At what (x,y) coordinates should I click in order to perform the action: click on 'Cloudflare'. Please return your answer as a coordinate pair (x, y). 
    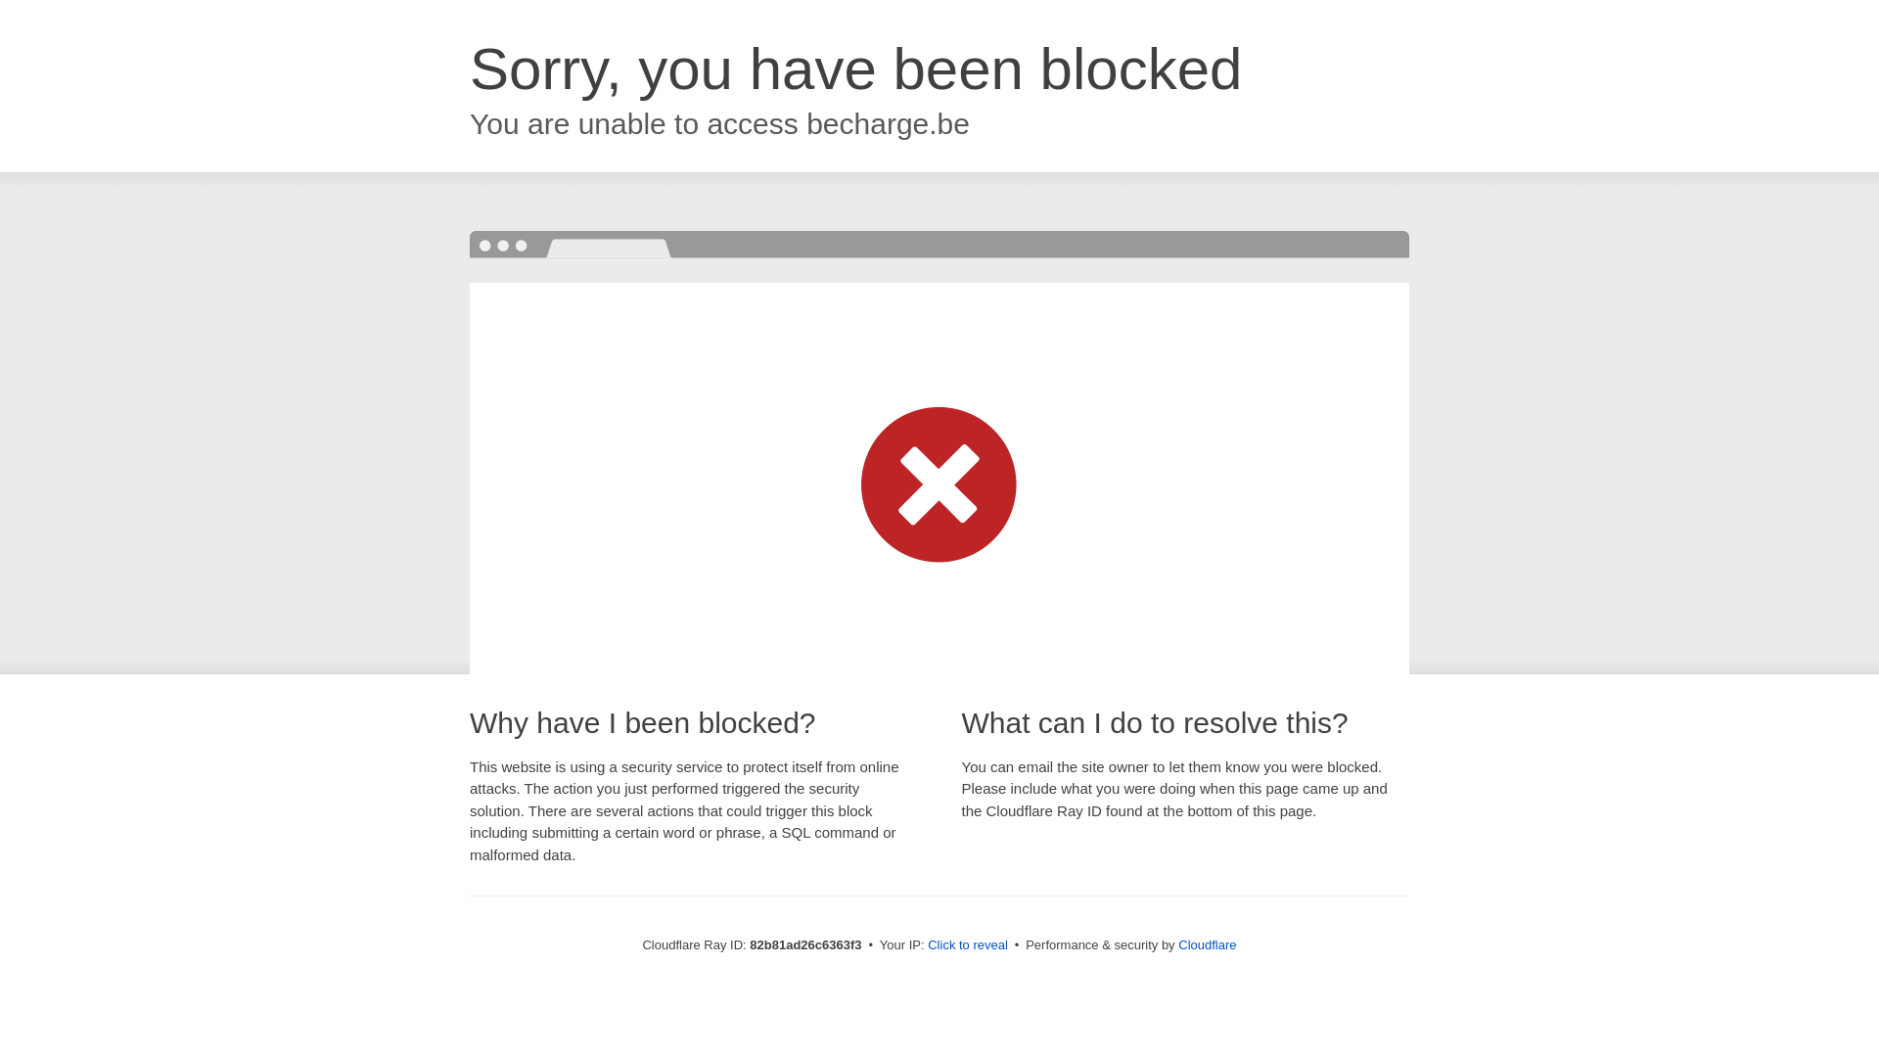
    Looking at the image, I should click on (1206, 943).